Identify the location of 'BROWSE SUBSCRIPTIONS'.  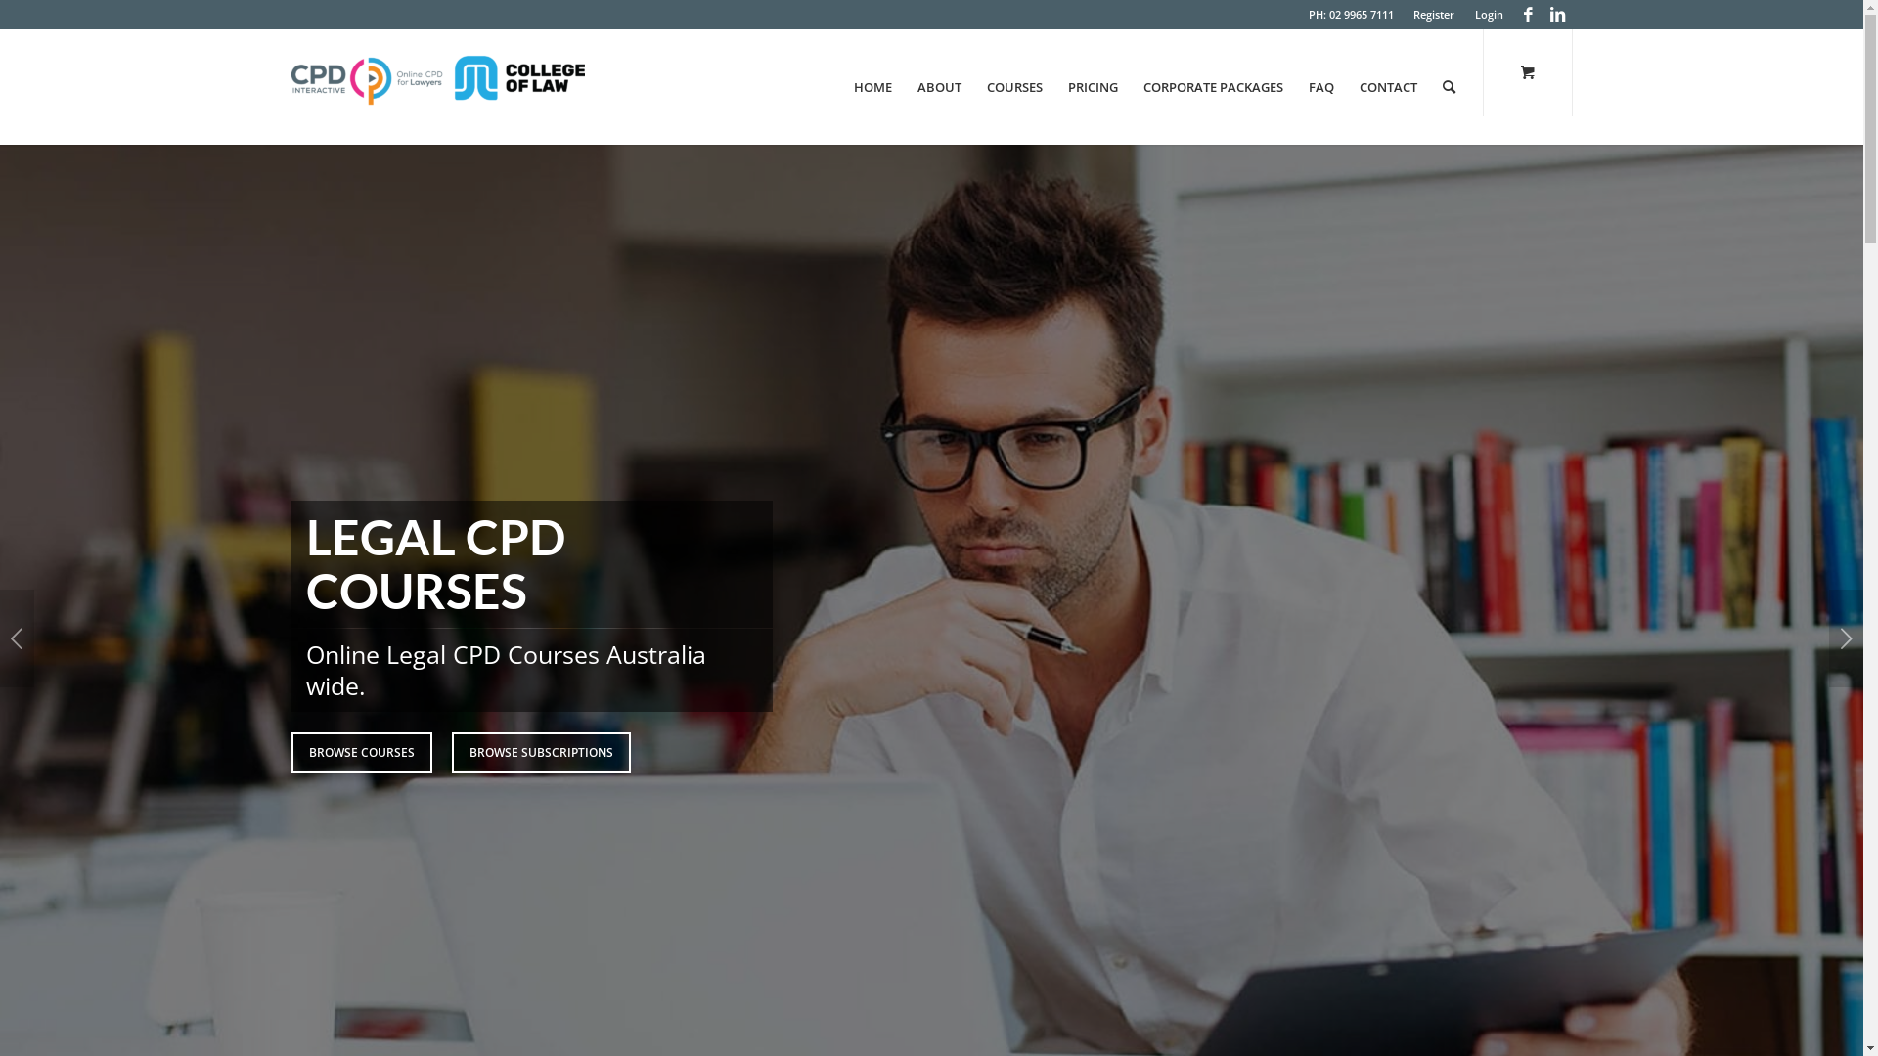
(450, 752).